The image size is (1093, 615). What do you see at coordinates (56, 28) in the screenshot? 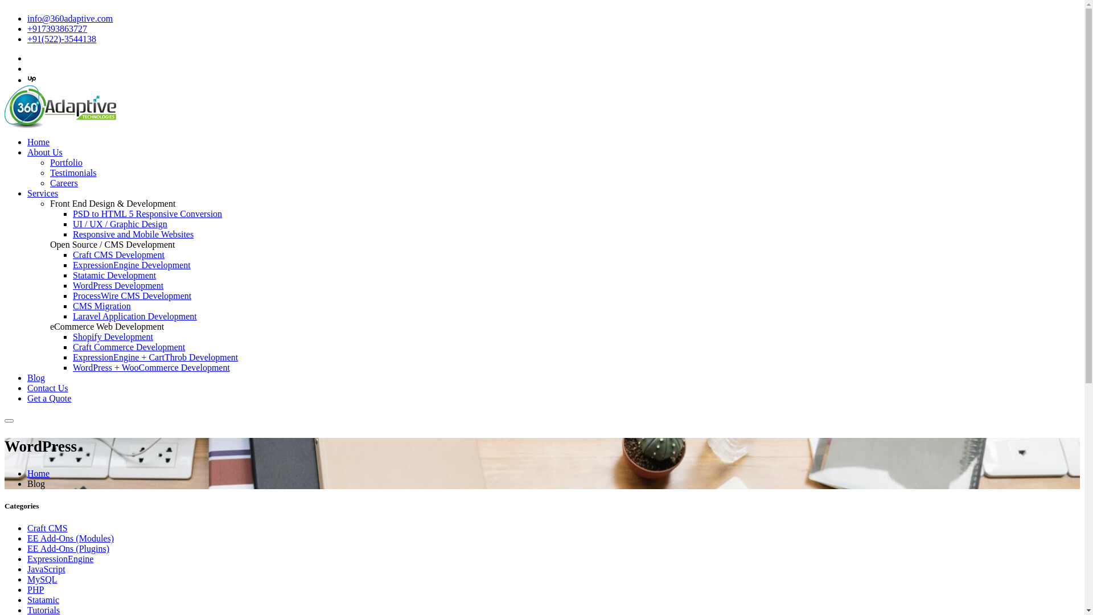
I see `'+917393863727'` at bounding box center [56, 28].